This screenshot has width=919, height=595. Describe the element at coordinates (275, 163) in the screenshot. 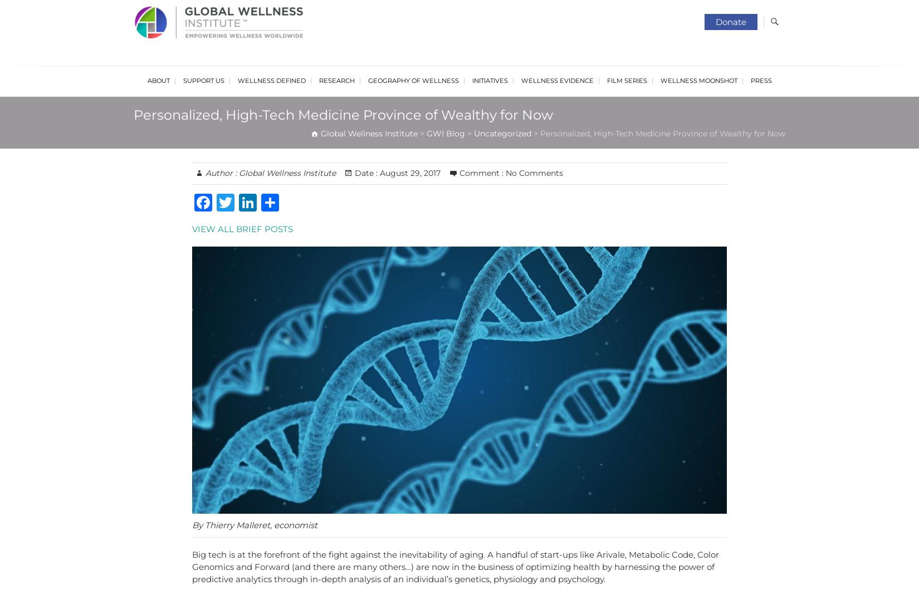

I see `'What is Wellness Policy?'` at that location.